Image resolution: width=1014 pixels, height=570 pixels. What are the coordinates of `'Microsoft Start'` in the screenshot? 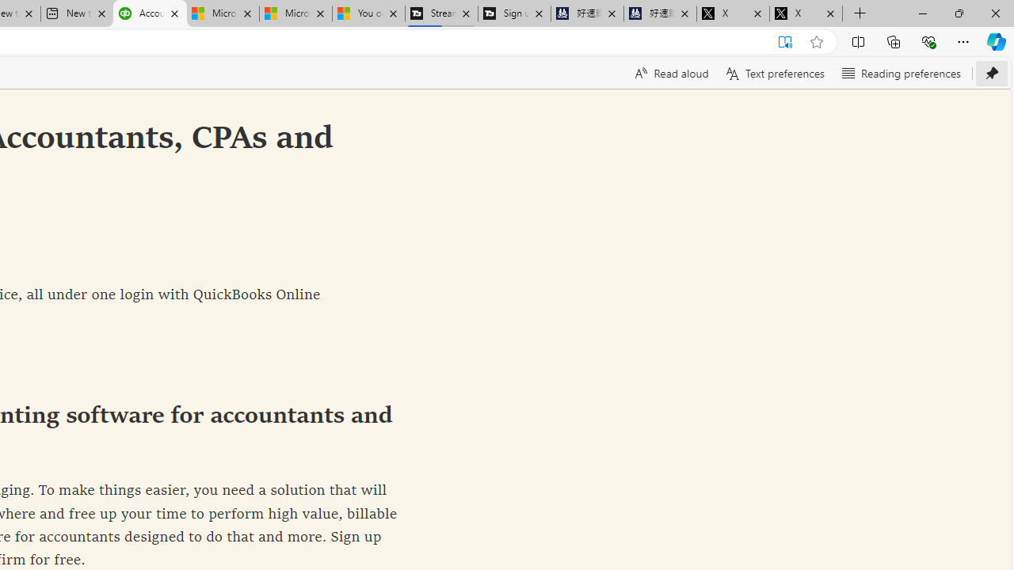 It's located at (295, 13).